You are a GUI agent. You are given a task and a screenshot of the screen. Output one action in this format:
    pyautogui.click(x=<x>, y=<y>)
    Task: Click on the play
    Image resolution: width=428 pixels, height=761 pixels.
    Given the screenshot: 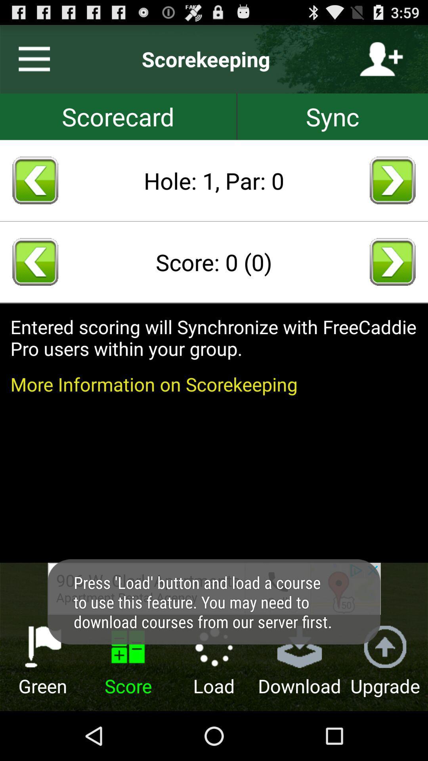 What is the action you would take?
    pyautogui.click(x=392, y=262)
    